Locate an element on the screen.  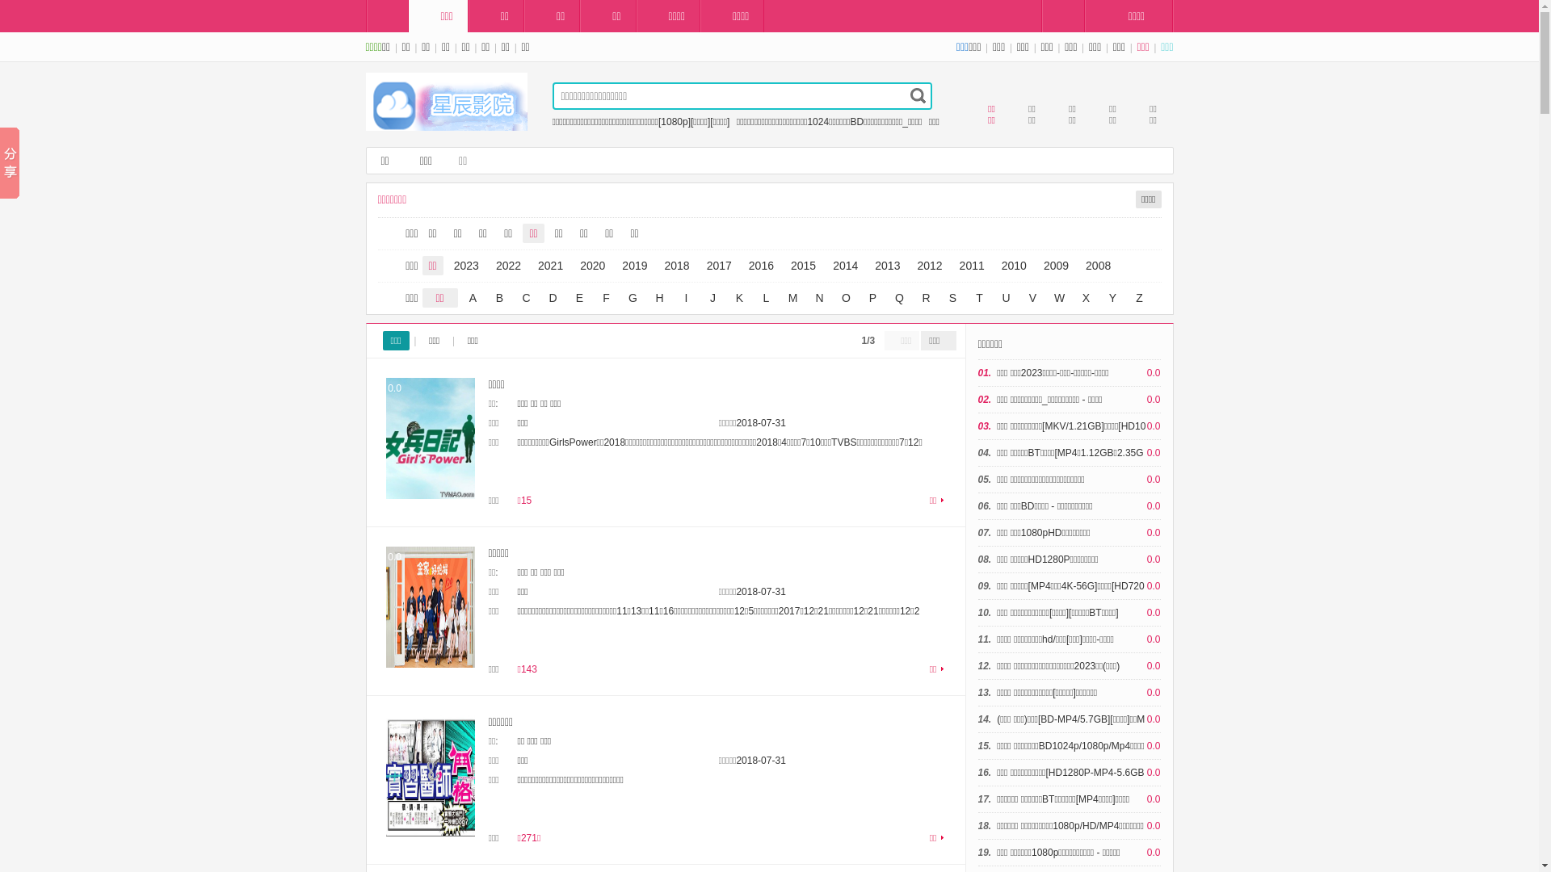
'W' is located at coordinates (1059, 298).